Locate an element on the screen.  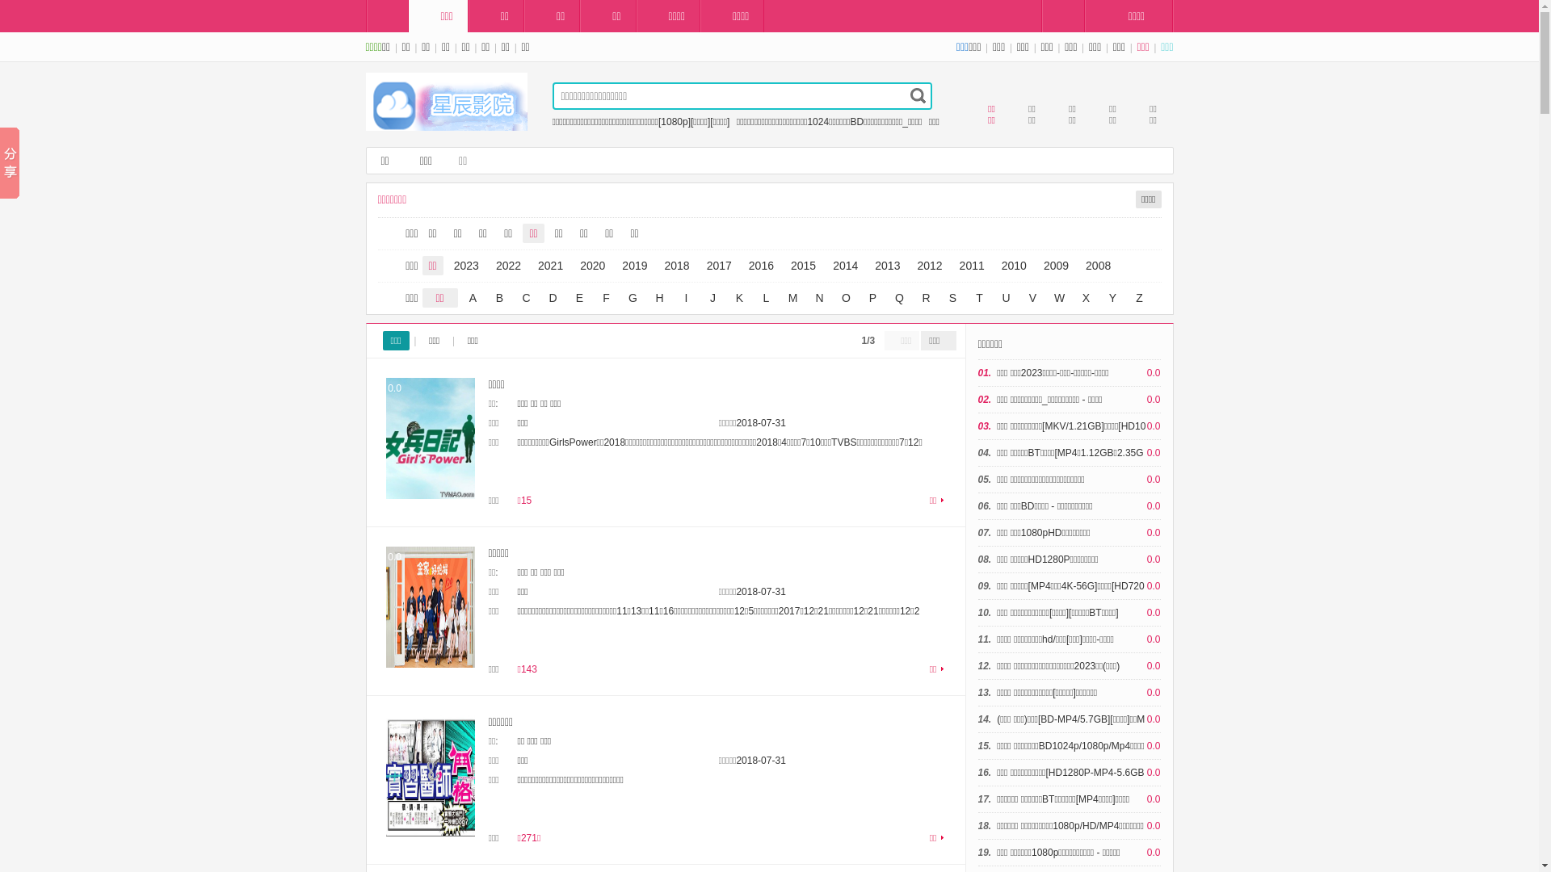
'W' is located at coordinates (1059, 298).